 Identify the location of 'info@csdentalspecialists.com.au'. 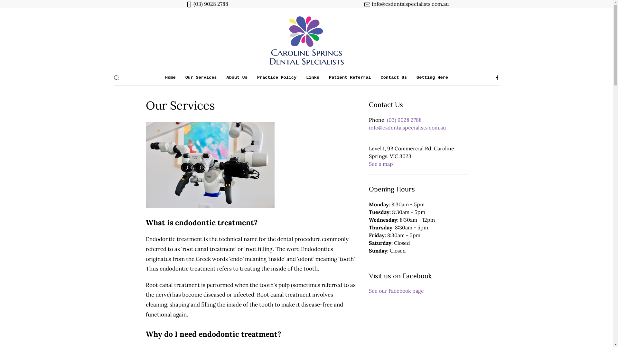
(409, 4).